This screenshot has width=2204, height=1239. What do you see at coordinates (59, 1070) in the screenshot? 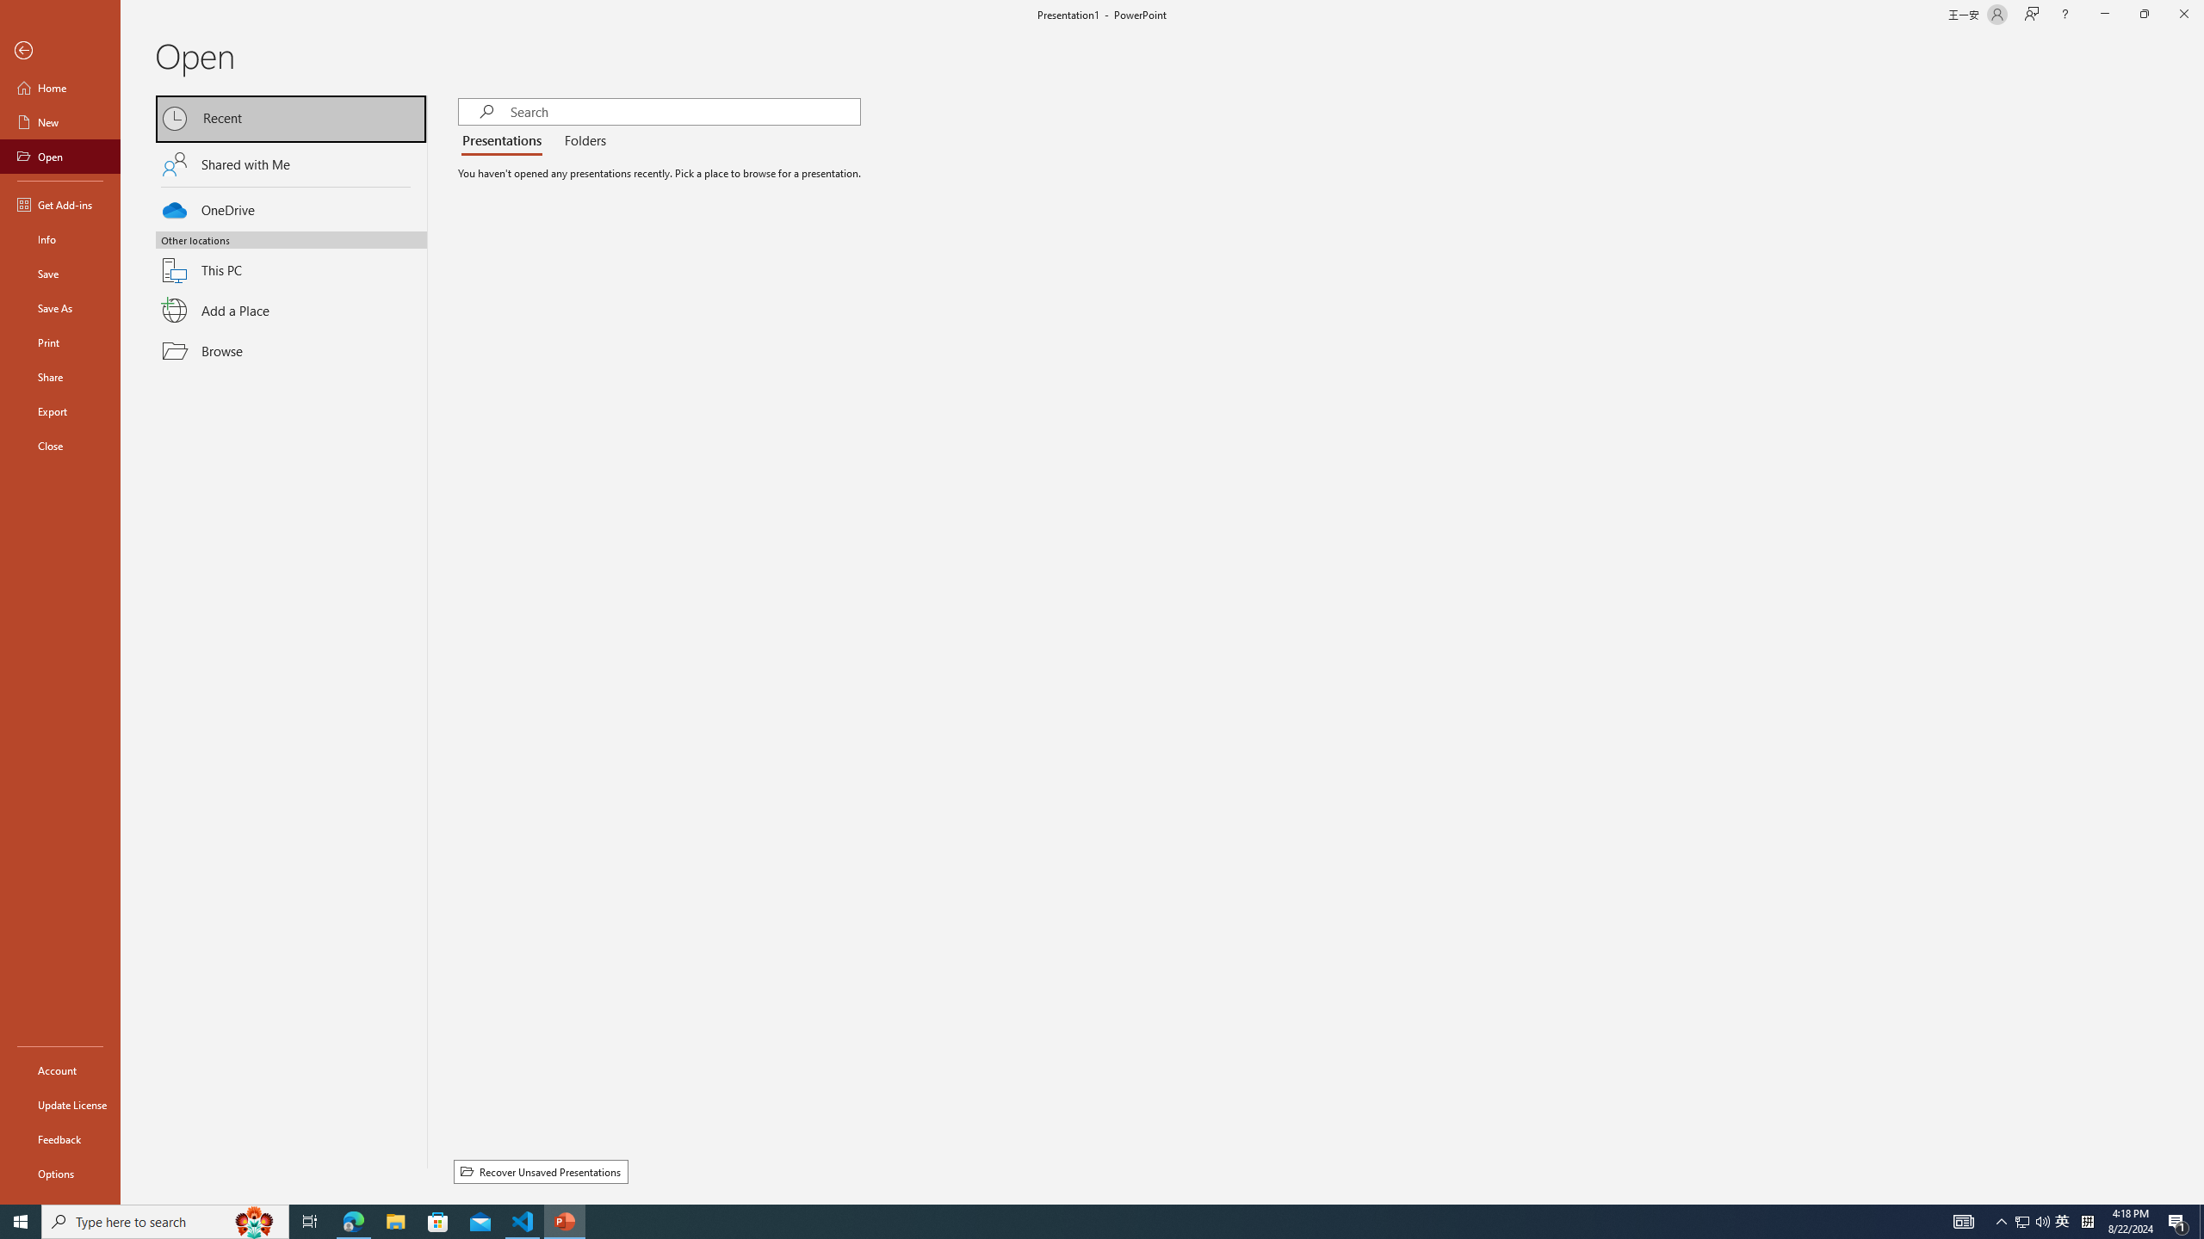
I see `'Account'` at bounding box center [59, 1070].